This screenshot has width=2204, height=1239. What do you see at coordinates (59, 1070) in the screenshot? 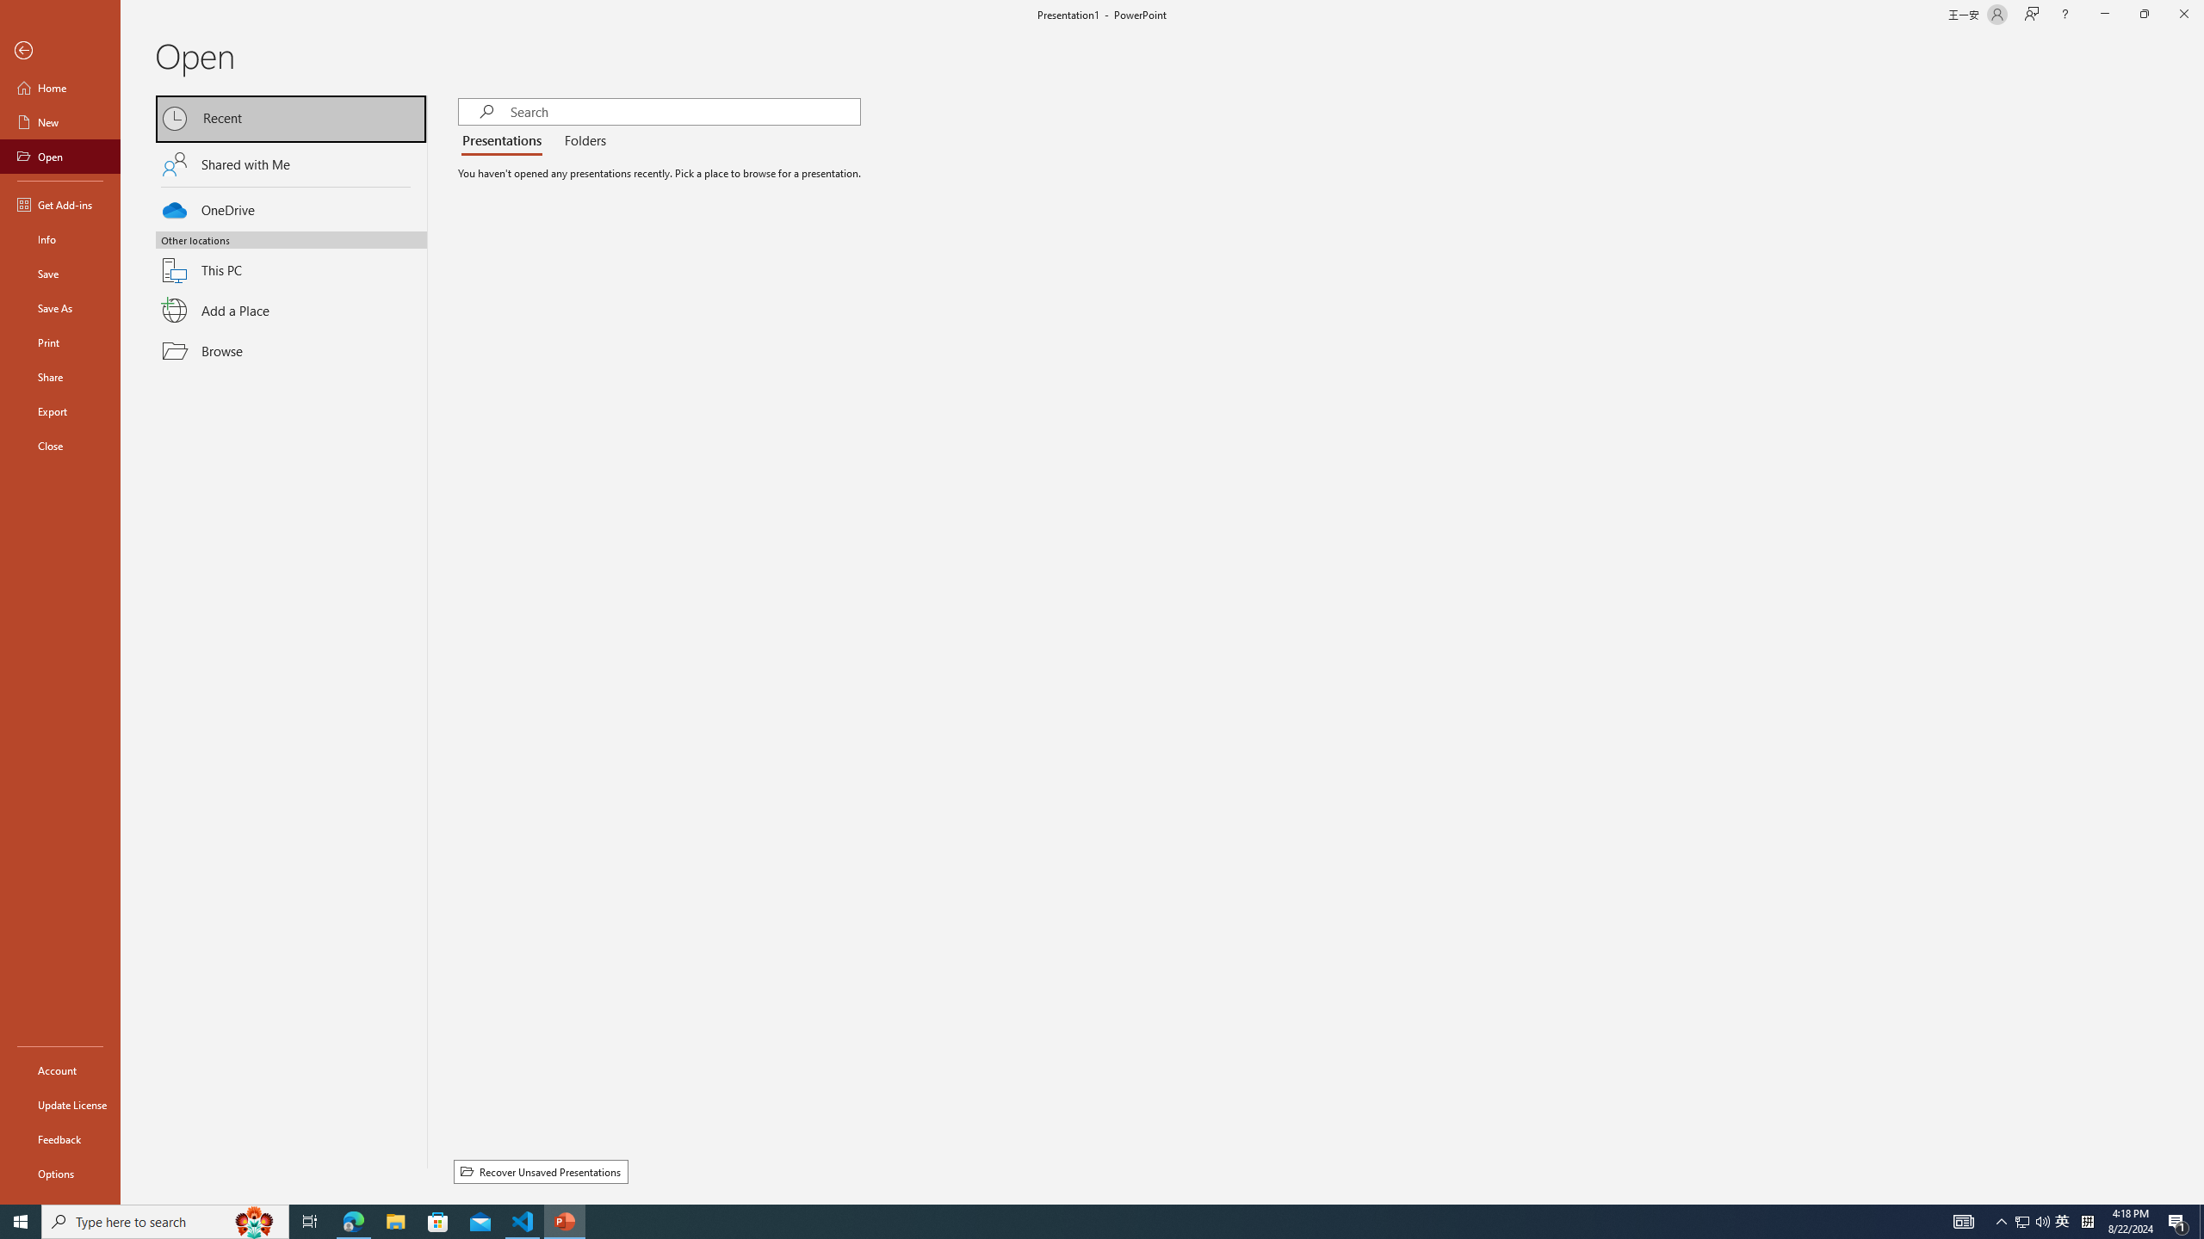
I see `'Account'` at bounding box center [59, 1070].